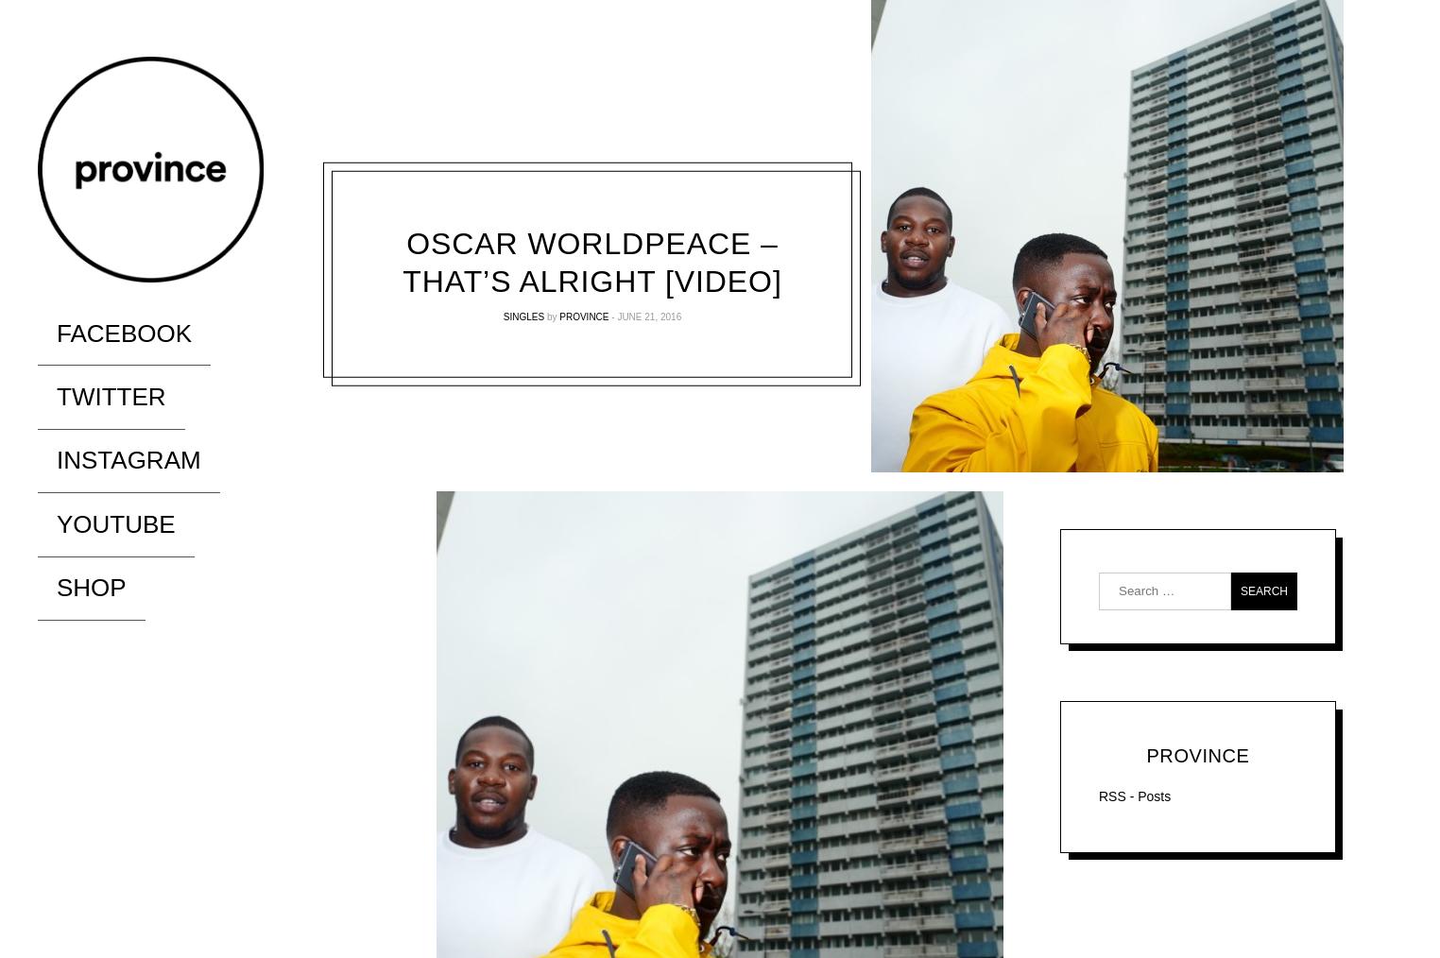 The width and height of the screenshot is (1440, 958). What do you see at coordinates (648, 316) in the screenshot?
I see `'June 21, 2016'` at bounding box center [648, 316].